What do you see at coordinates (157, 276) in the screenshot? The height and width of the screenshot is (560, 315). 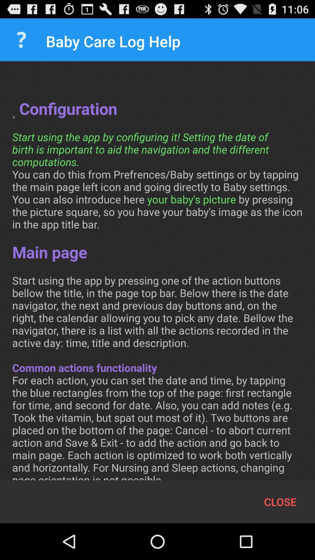 I see `the icon above close` at bounding box center [157, 276].